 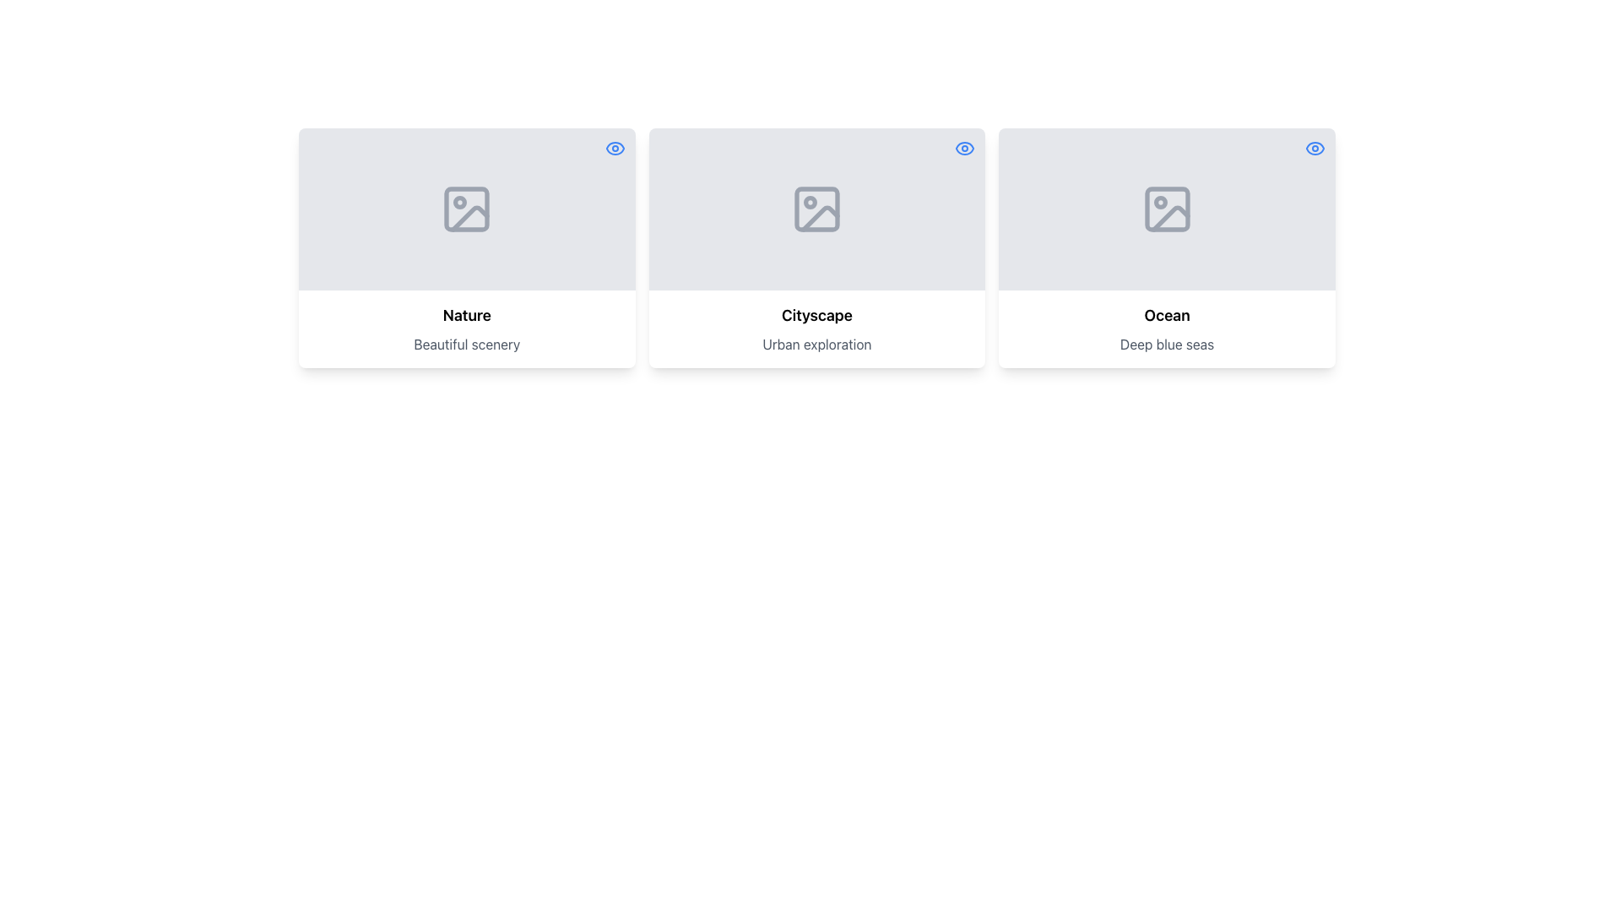 I want to click on the text label 'Ocean' which is styled in a larger bold font, located in the rightmost card of a horizontally aligned group of three cards, positioned below the image and above the descriptive text 'Deep blue seas', so click(x=1166, y=316).